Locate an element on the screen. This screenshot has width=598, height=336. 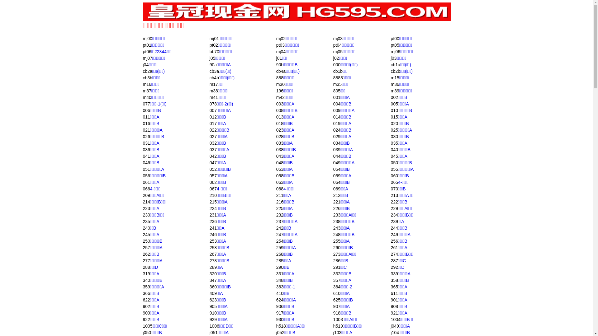
'062' is located at coordinates (209, 182).